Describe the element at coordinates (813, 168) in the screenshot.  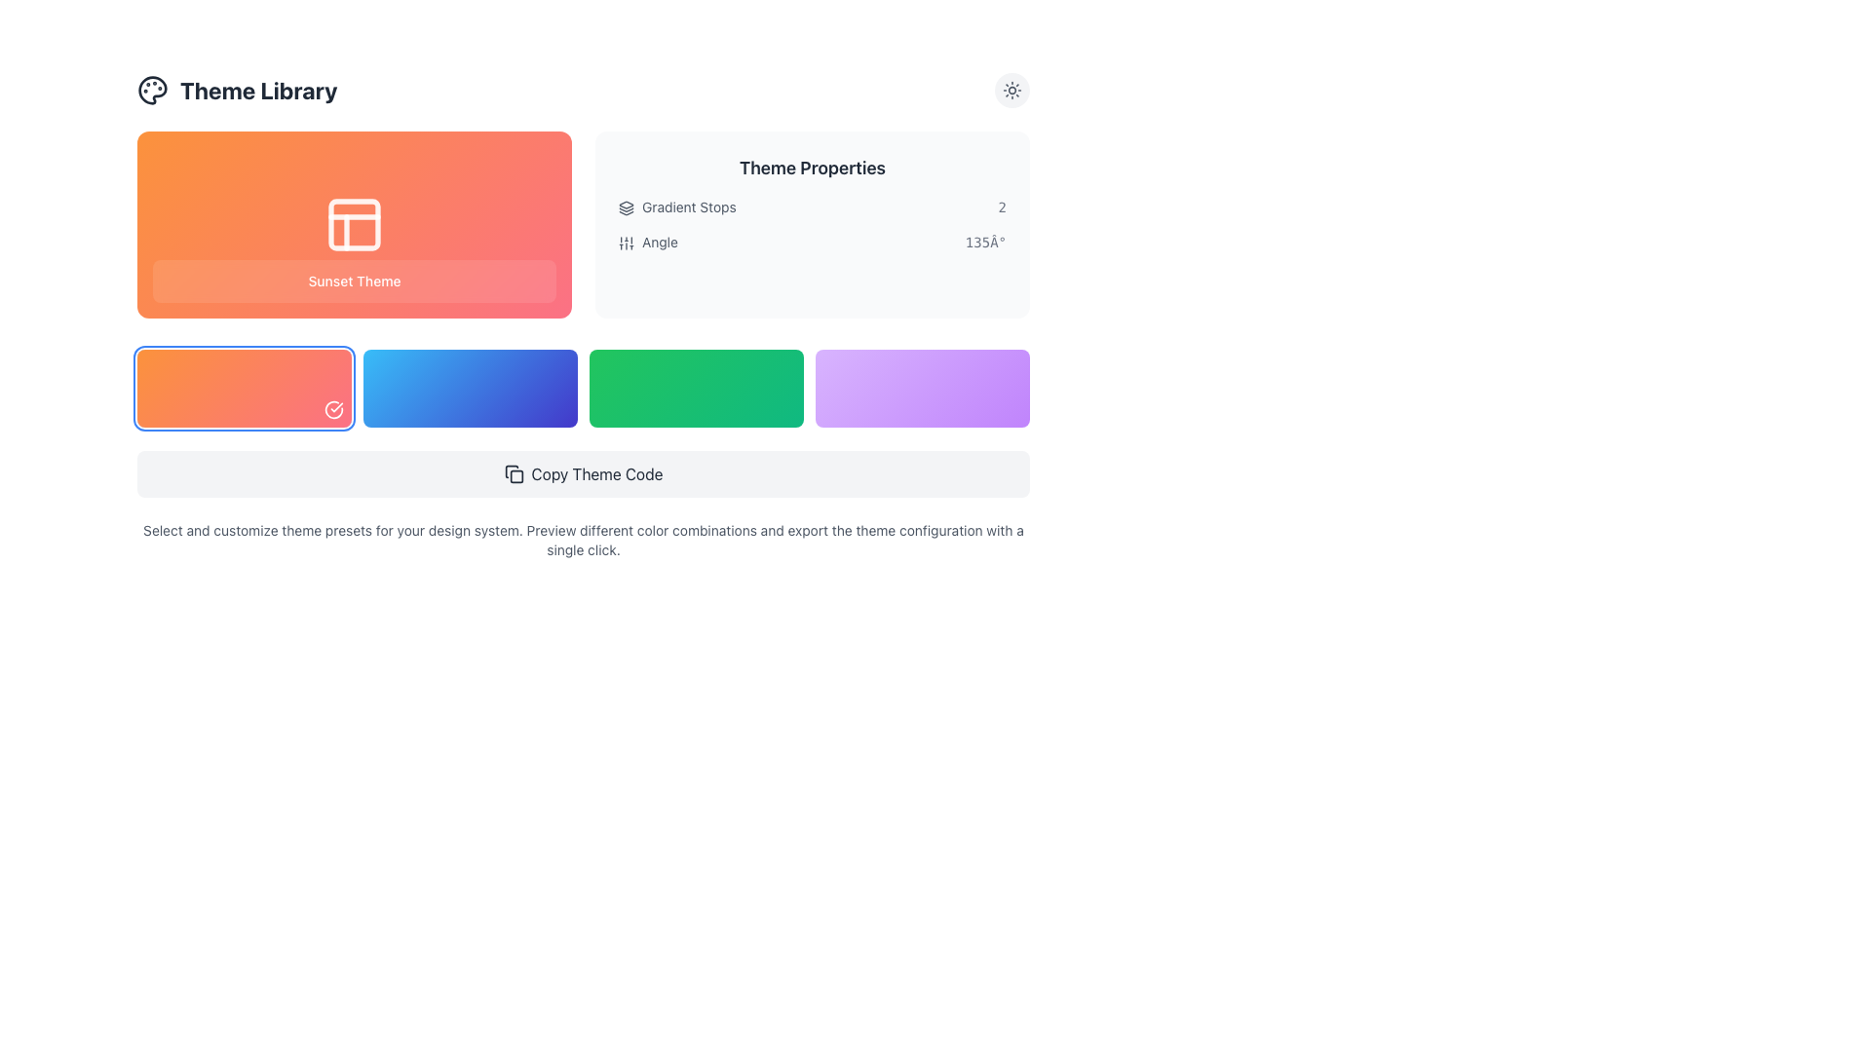
I see `the 'Theme Properties' header text, which is styled in bold and darker gray, located at the top of the upper-right panel` at that location.